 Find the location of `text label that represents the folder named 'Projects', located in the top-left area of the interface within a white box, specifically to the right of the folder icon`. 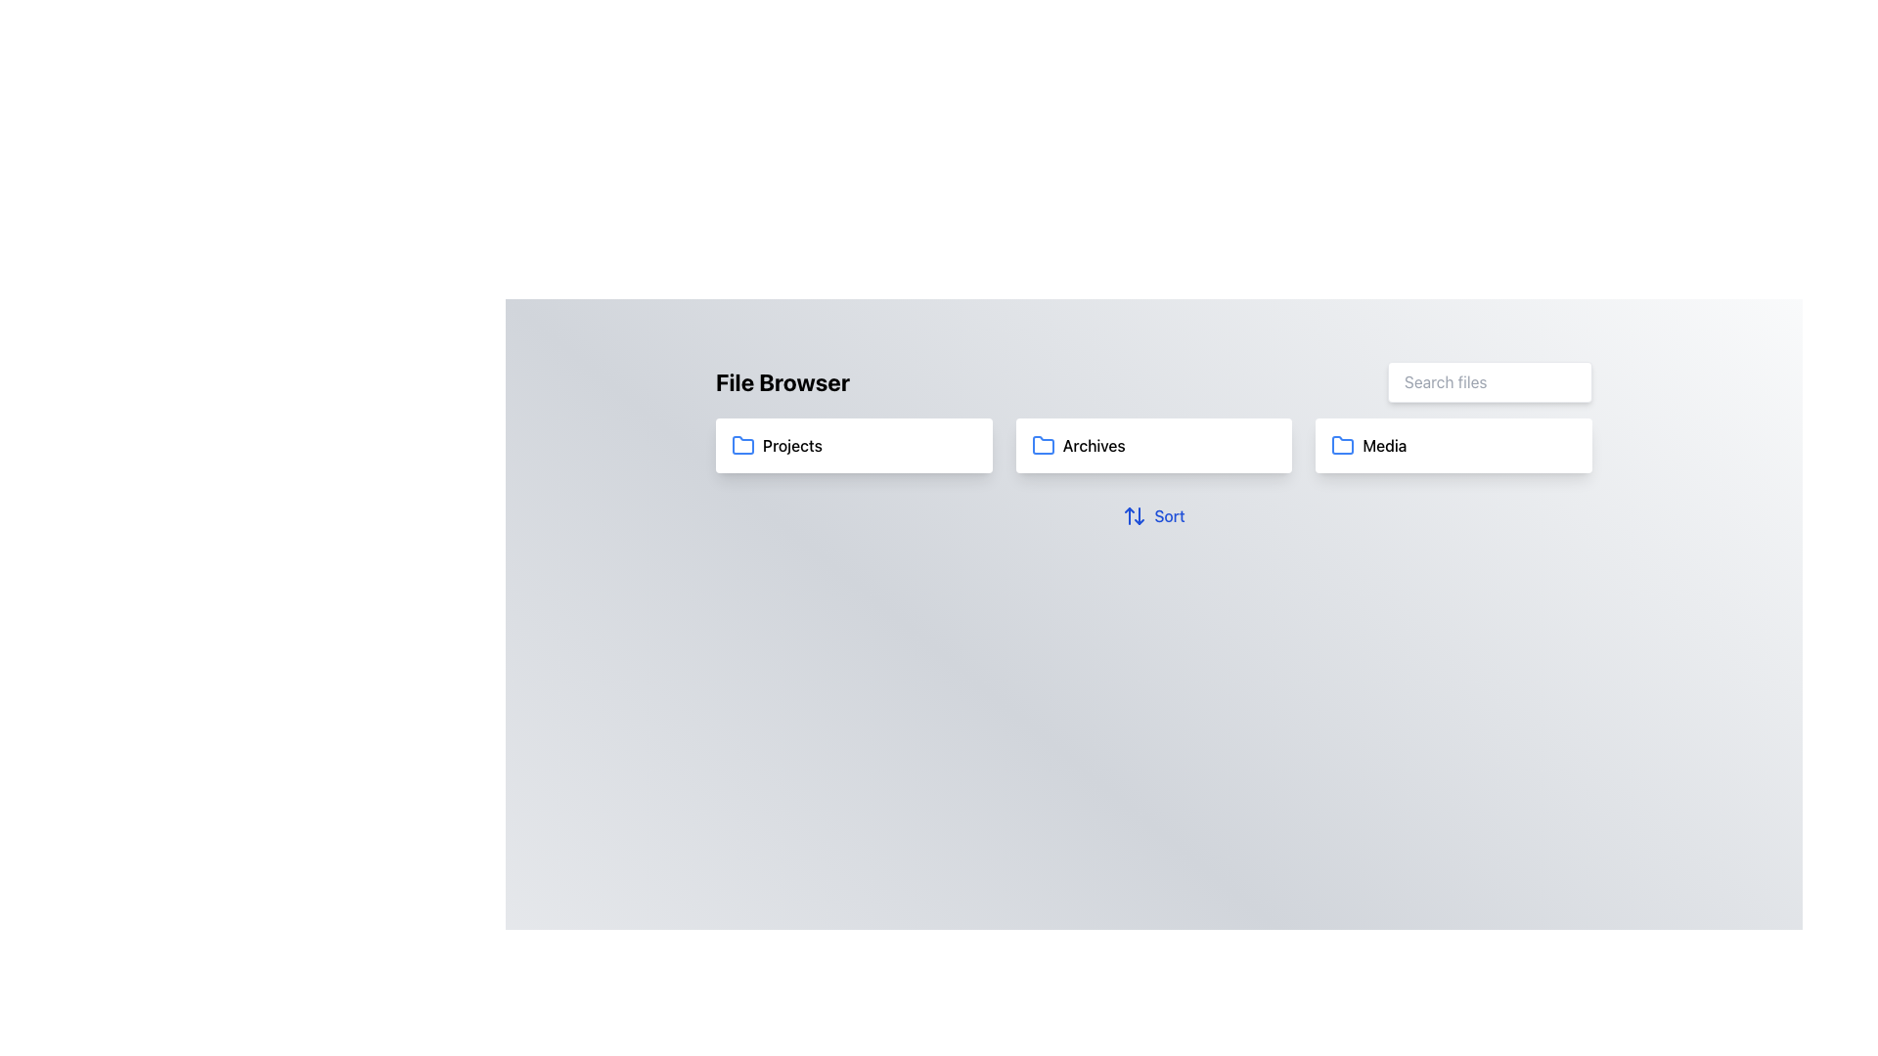

text label that represents the folder named 'Projects', located in the top-left area of the interface within a white box, specifically to the right of the folder icon is located at coordinates (792, 445).